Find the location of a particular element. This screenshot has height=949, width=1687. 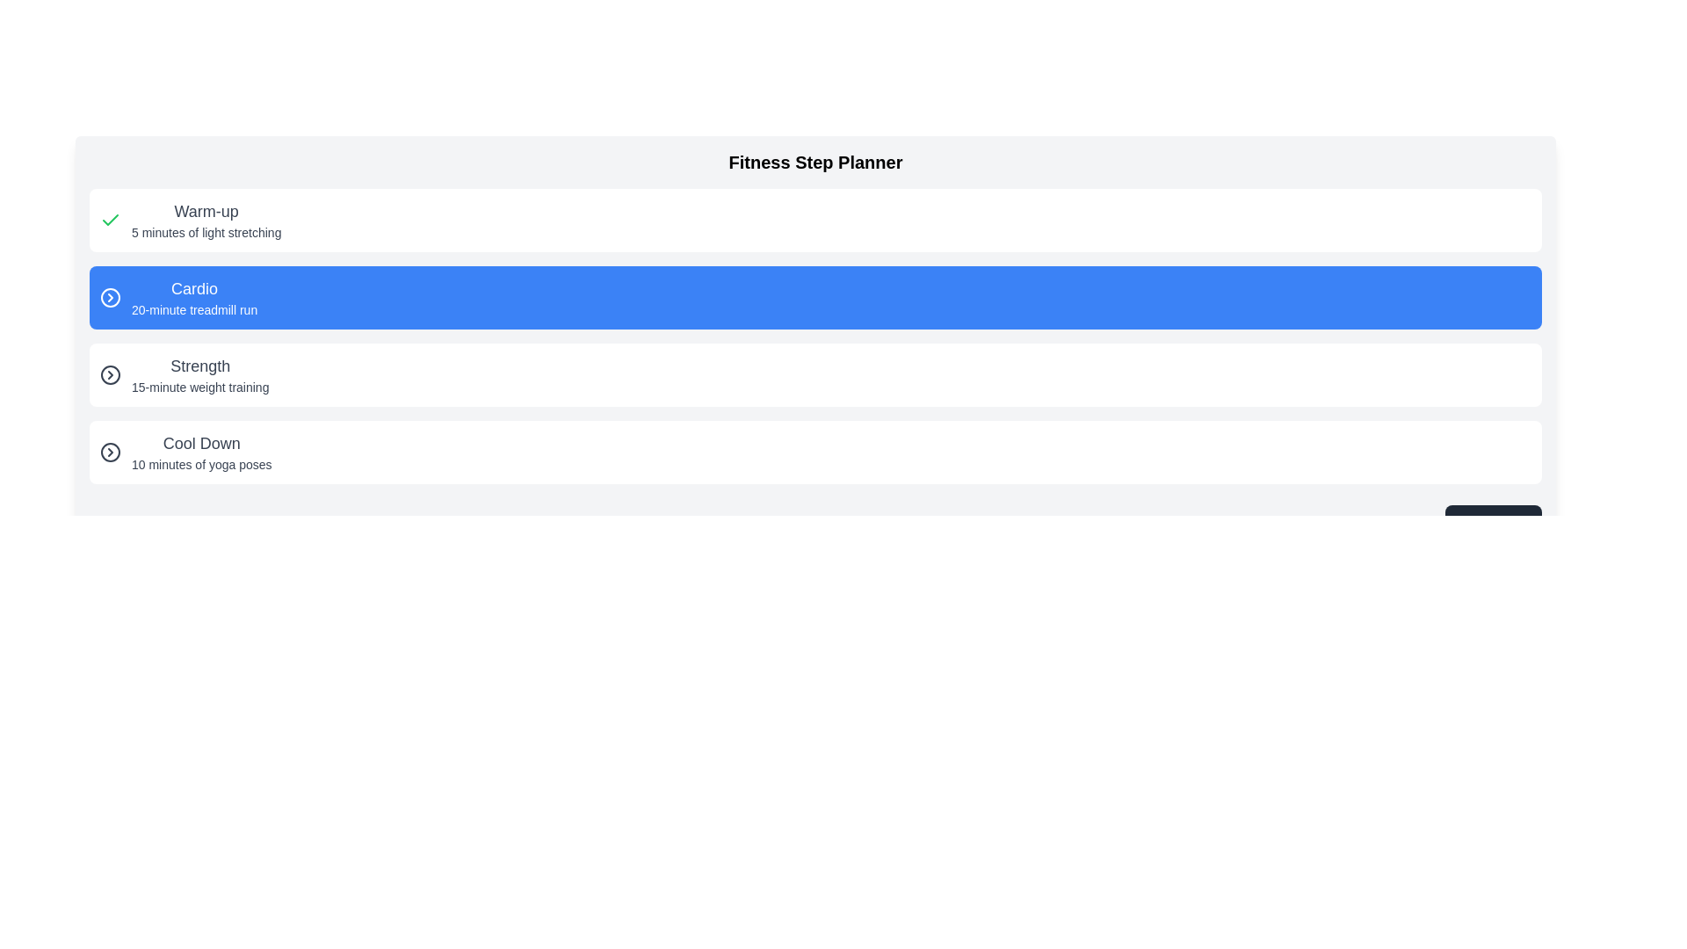

the circular icon with a chevron arrow pointing right, located on the left side of the blue-highlighted 'Cardio' section in the fitness steps layout is located at coordinates (109, 297).